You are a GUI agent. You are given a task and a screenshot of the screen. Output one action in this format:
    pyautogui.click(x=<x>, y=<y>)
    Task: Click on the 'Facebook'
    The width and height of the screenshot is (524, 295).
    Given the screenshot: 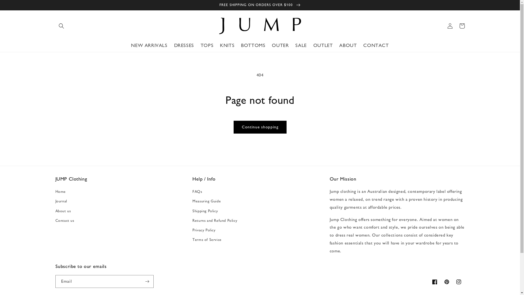 What is the action you would take?
    pyautogui.click(x=434, y=282)
    